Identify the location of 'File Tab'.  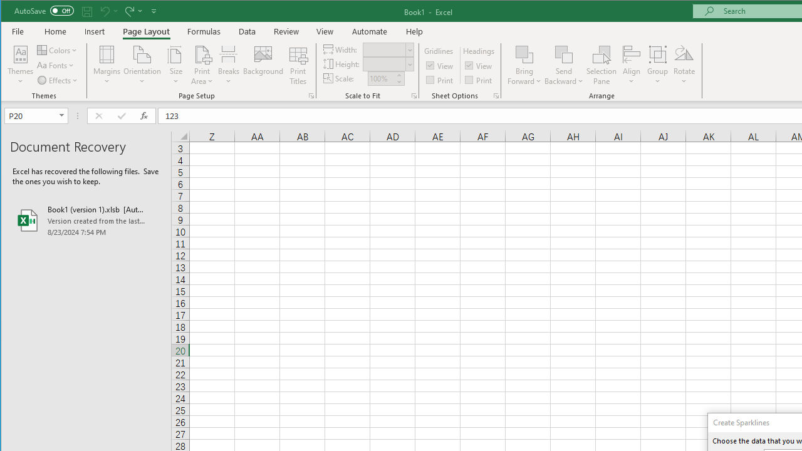
(18, 31).